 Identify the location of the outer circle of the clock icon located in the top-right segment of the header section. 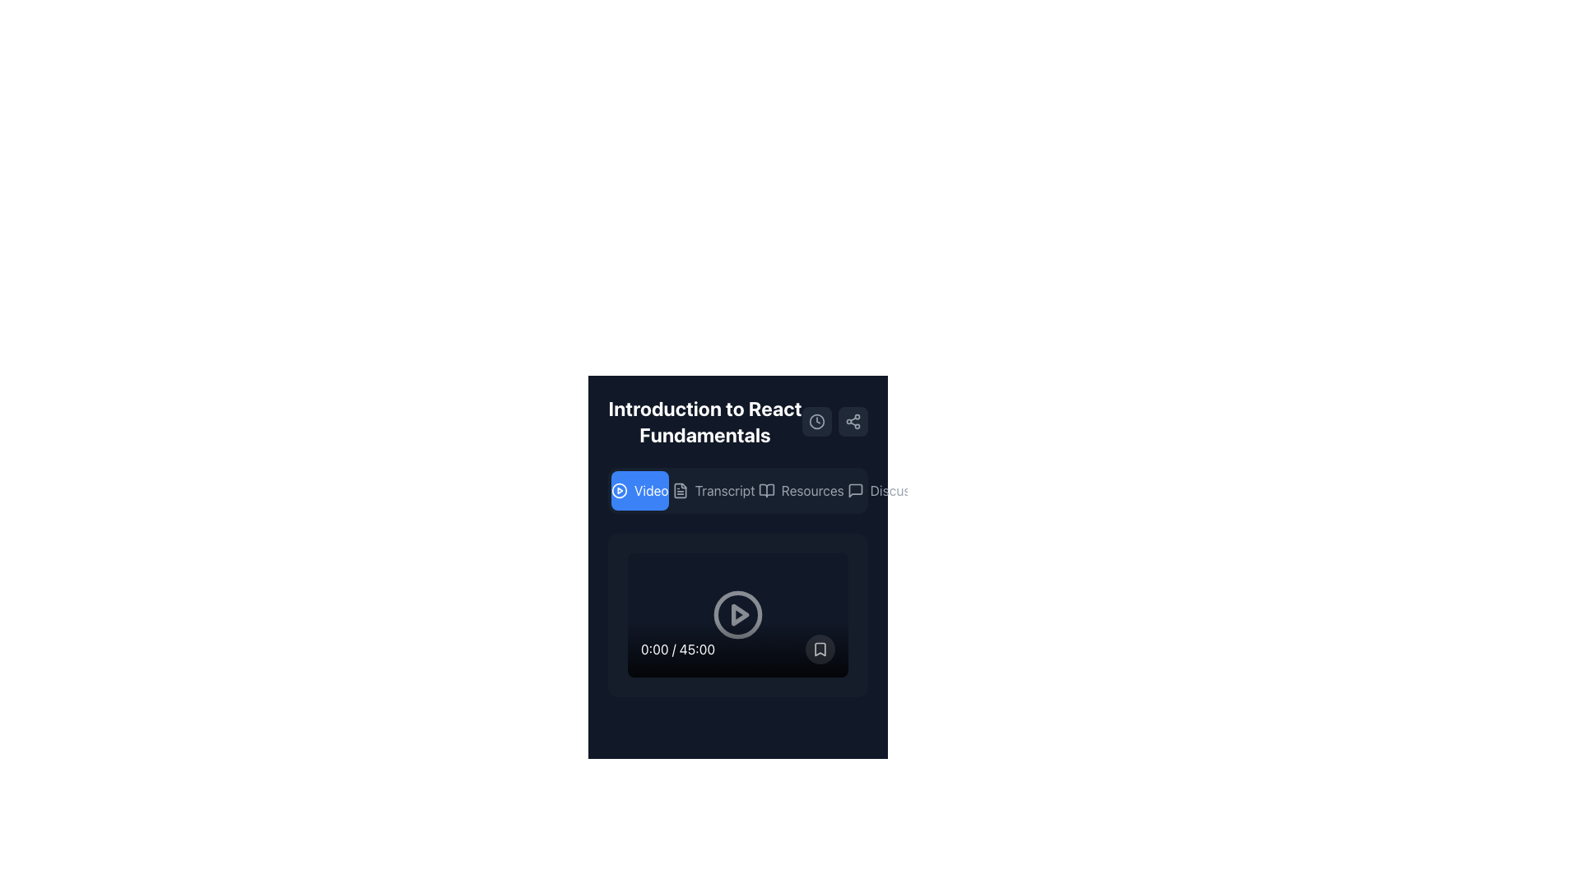
(817, 420).